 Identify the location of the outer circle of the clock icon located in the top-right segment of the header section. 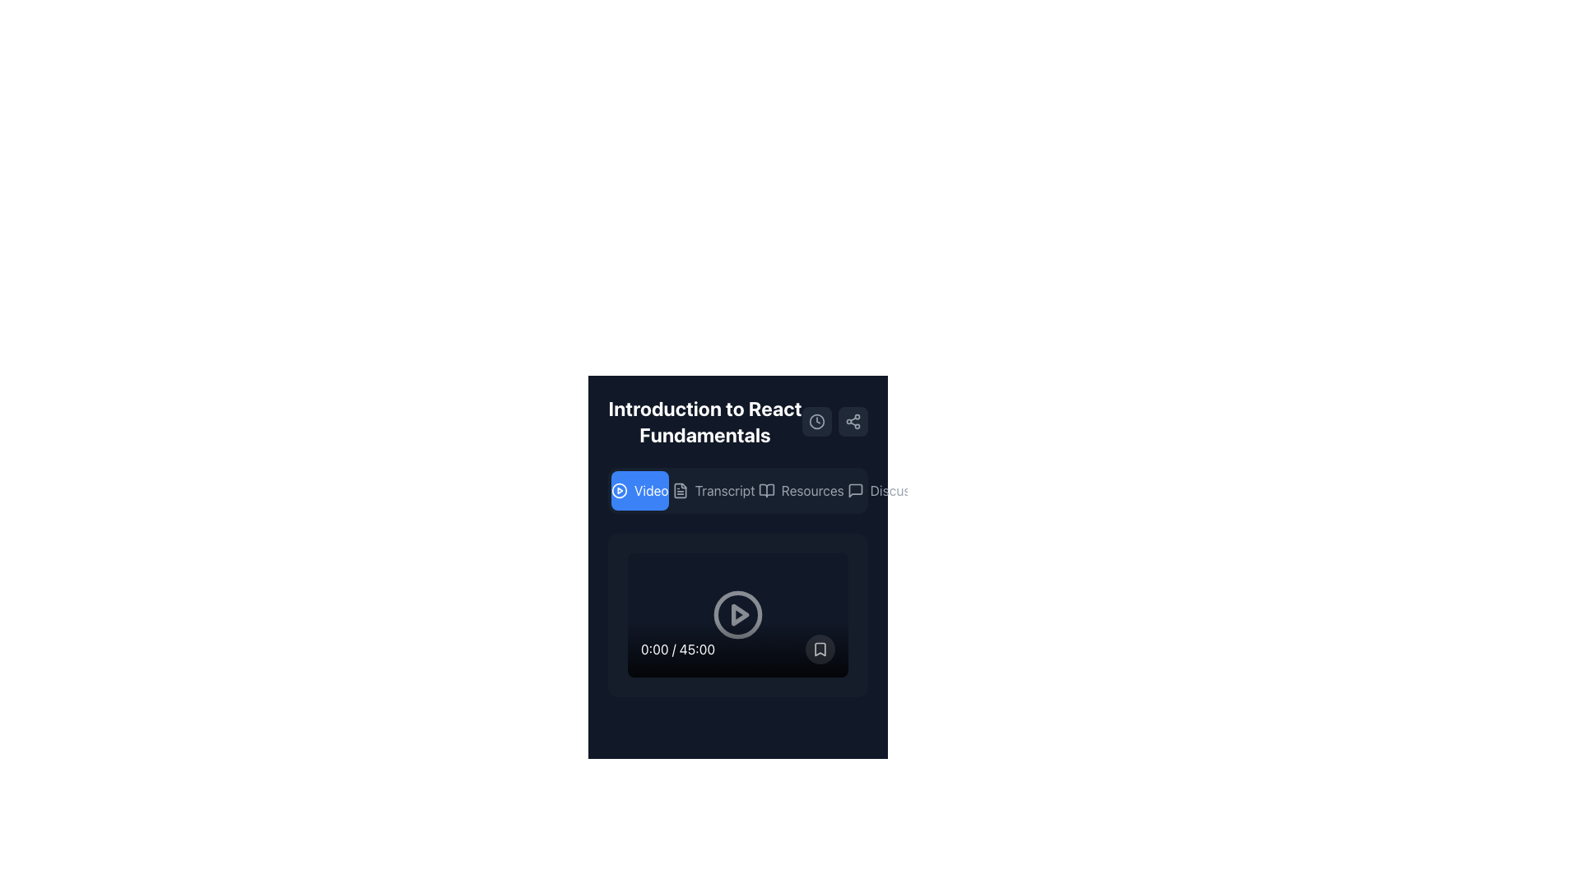
(817, 420).